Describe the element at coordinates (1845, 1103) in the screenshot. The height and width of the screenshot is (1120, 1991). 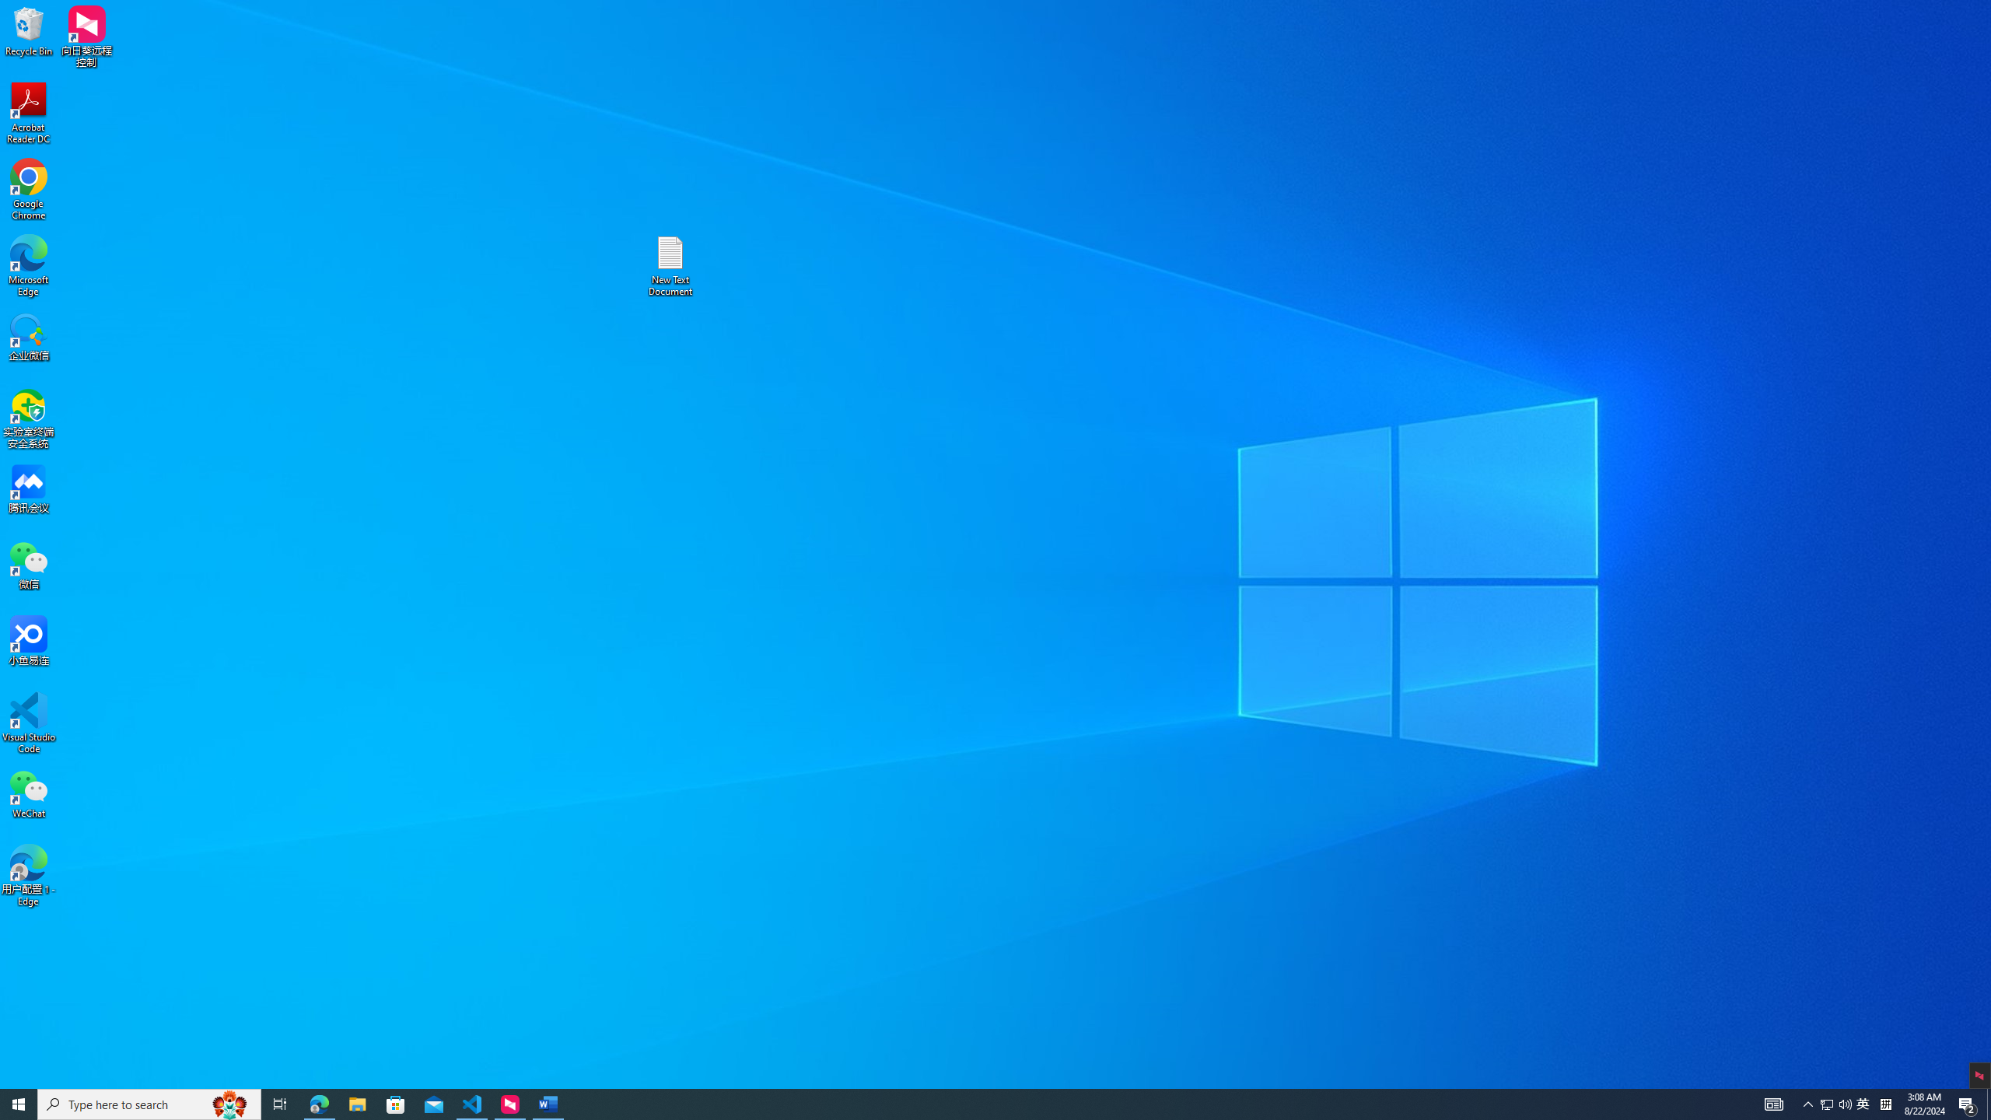
I see `'Q2790: 100%'` at that location.